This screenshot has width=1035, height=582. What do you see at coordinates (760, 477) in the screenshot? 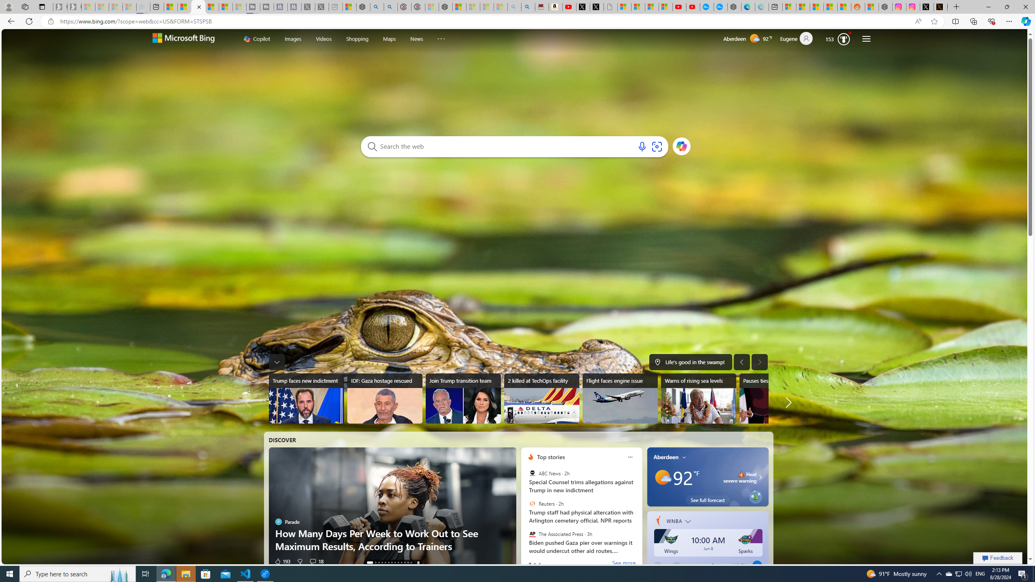
I see `'Class: weather-arrow-glyph'` at bounding box center [760, 477].